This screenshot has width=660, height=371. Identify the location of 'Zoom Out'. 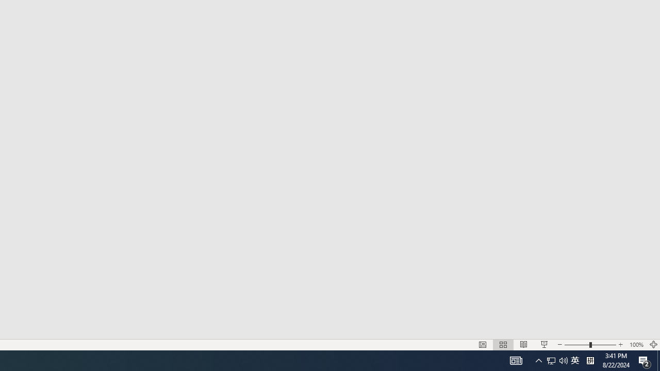
(576, 345).